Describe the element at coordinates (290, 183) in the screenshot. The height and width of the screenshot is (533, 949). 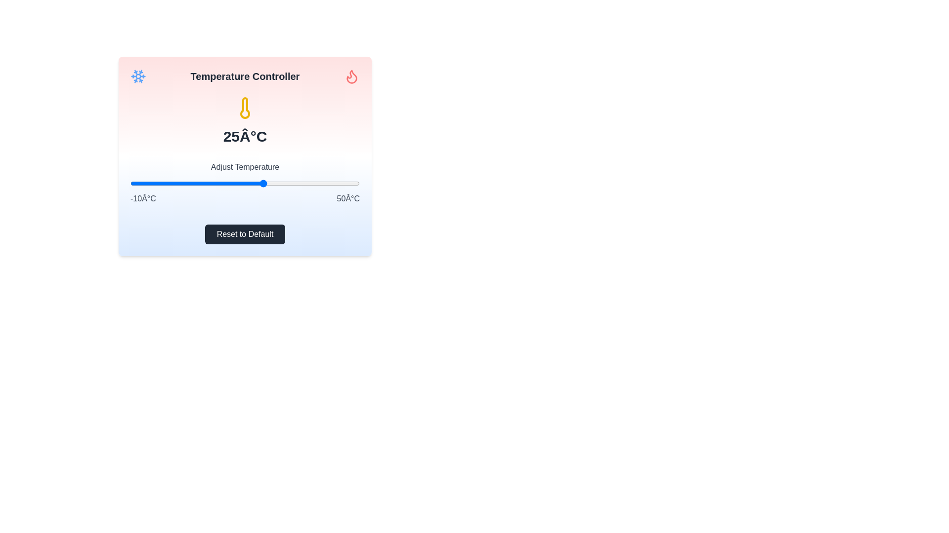
I see `the temperature to 32°C using the slider` at that location.